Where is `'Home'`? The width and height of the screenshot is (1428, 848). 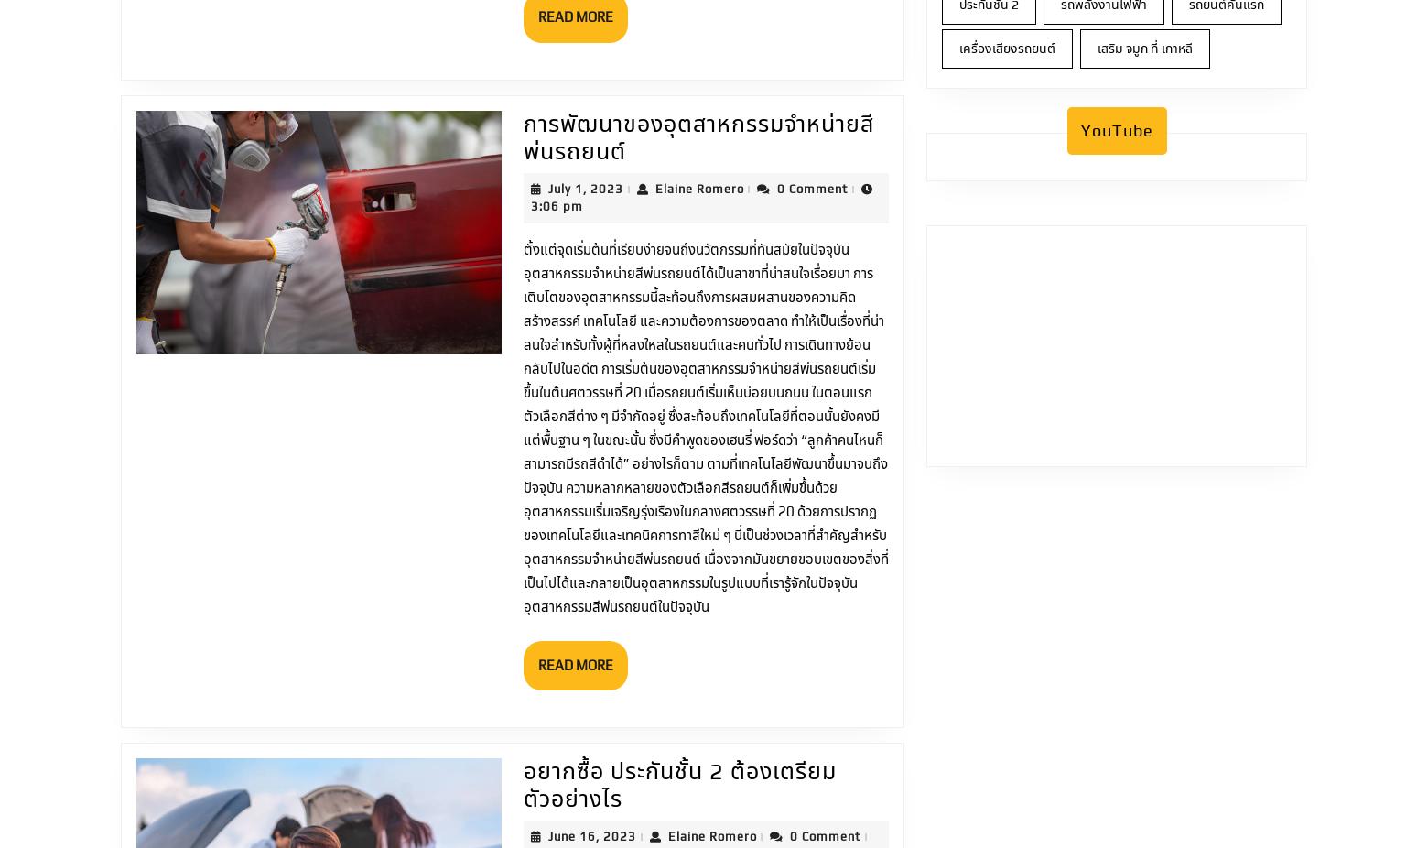
'Home' is located at coordinates (119, 732).